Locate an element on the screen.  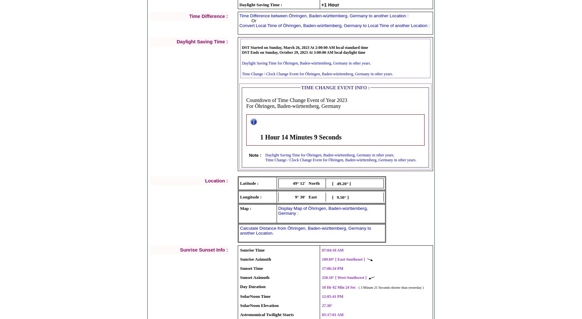
'12:05:41 PM' is located at coordinates (332, 296).